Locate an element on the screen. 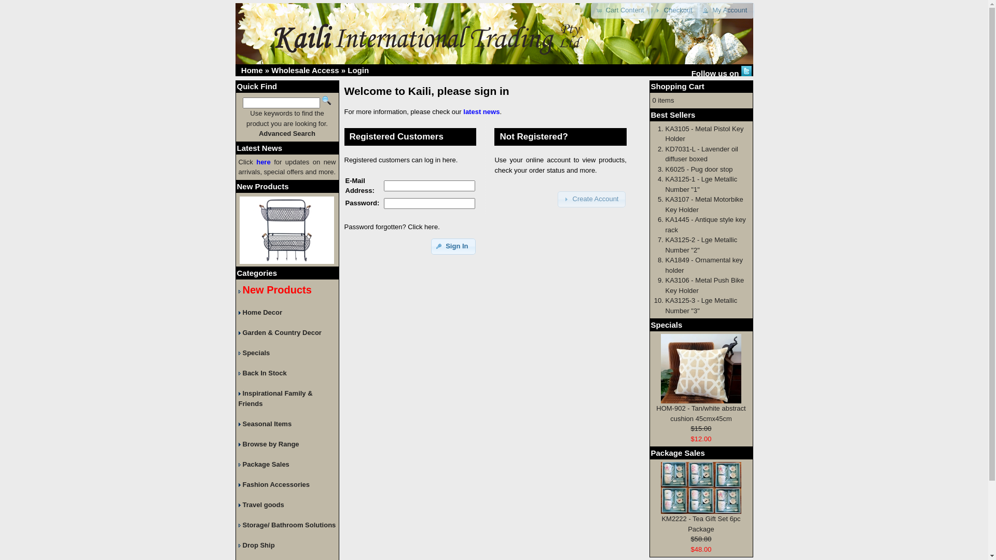  'KA3125-2 - Lge Metallic Number "2"' is located at coordinates (701, 245).